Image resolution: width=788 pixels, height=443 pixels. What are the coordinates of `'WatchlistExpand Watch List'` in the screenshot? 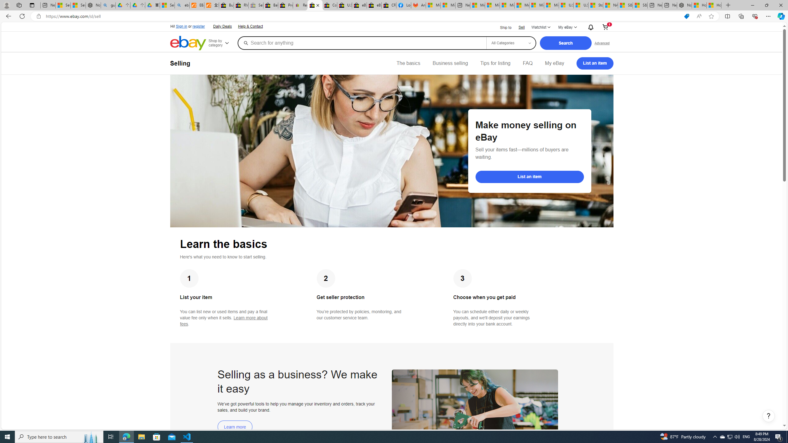 It's located at (541, 27).